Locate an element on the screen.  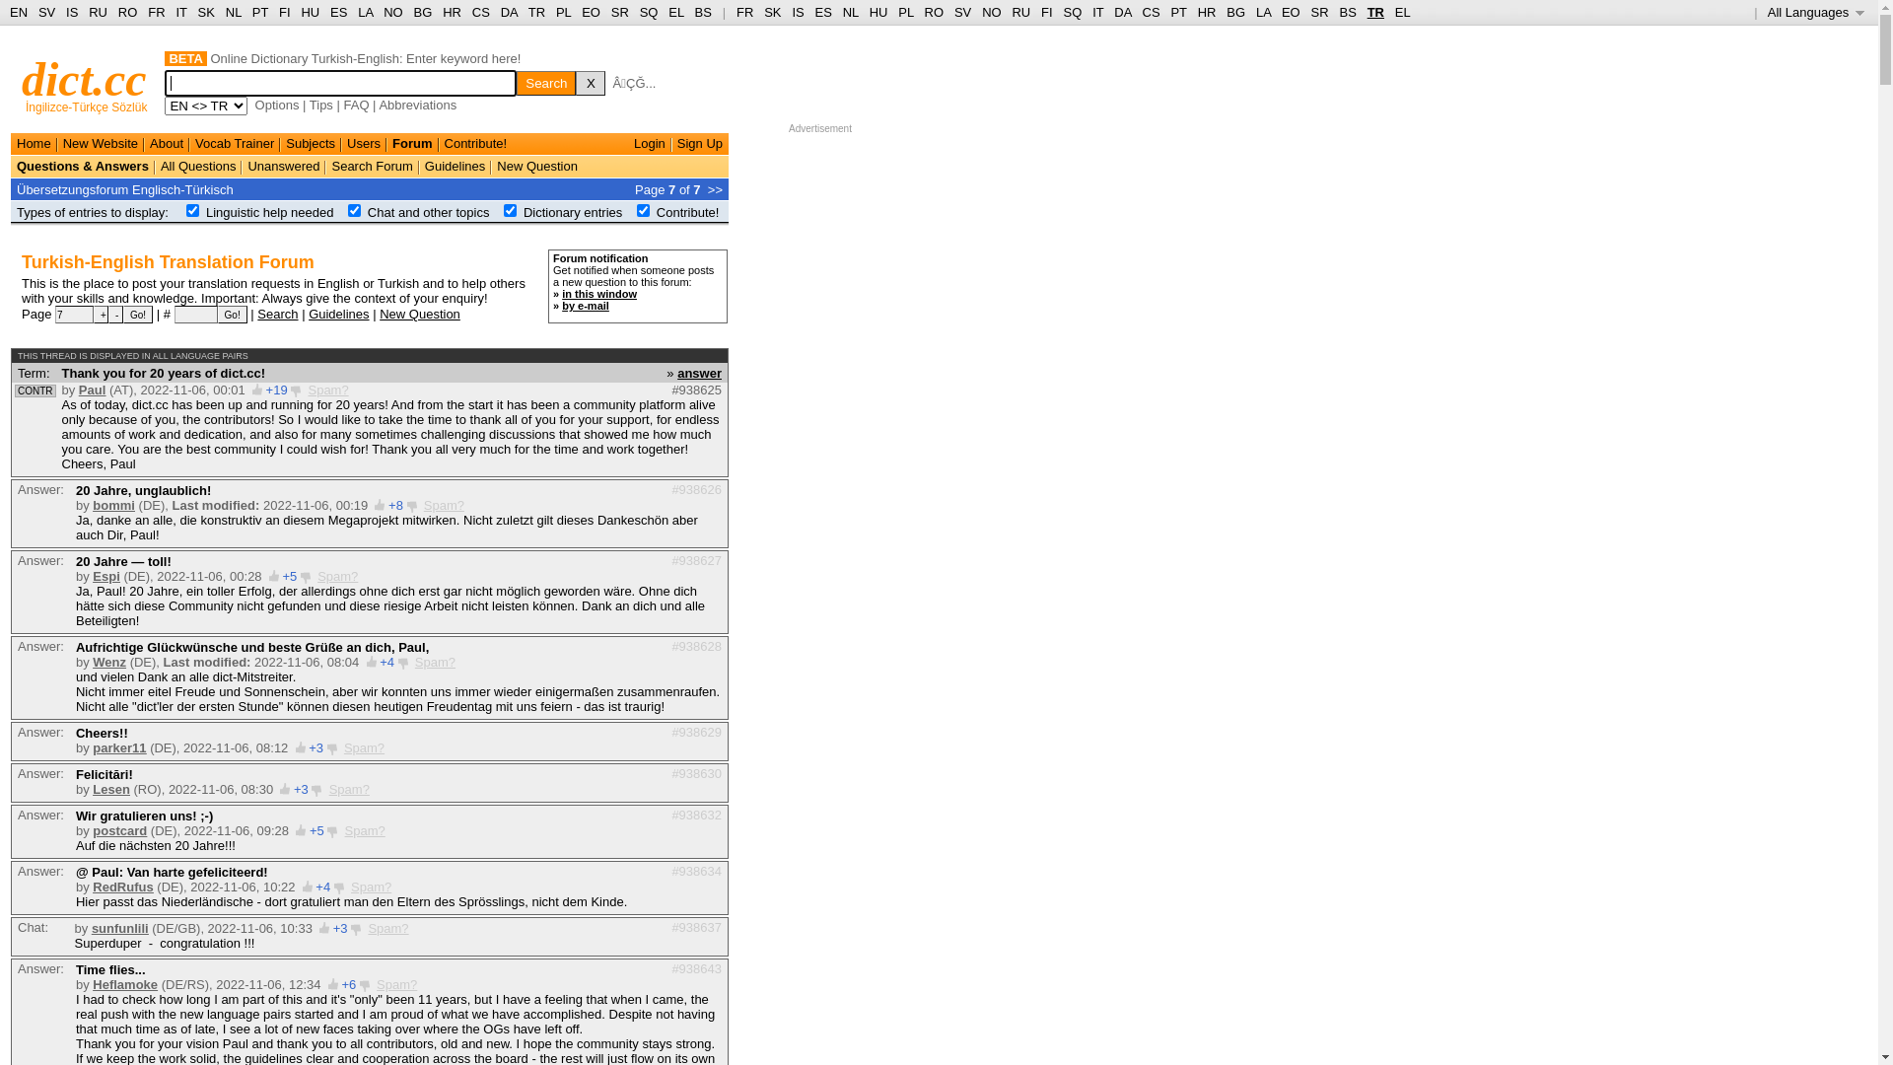
'HR' is located at coordinates (451, 12).